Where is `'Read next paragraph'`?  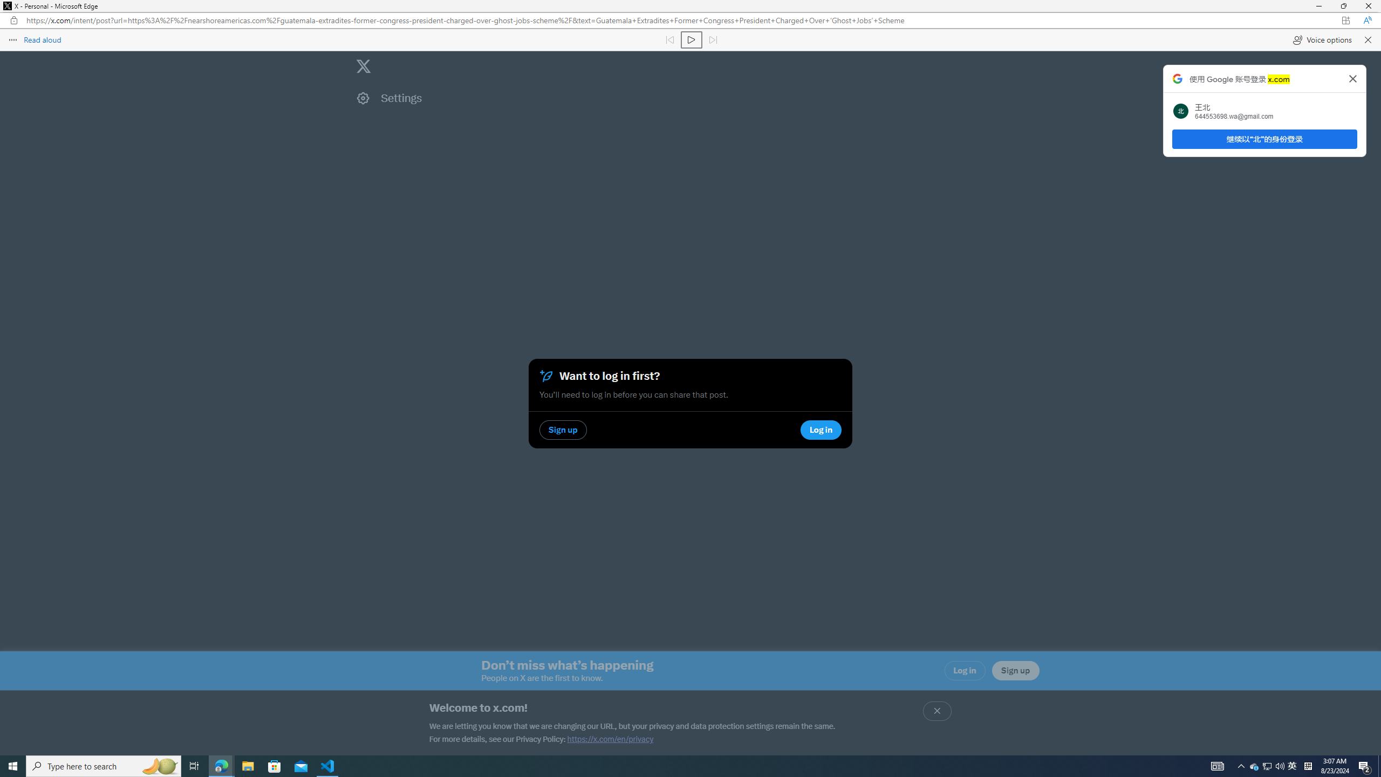
'Read next paragraph' is located at coordinates (712, 39).